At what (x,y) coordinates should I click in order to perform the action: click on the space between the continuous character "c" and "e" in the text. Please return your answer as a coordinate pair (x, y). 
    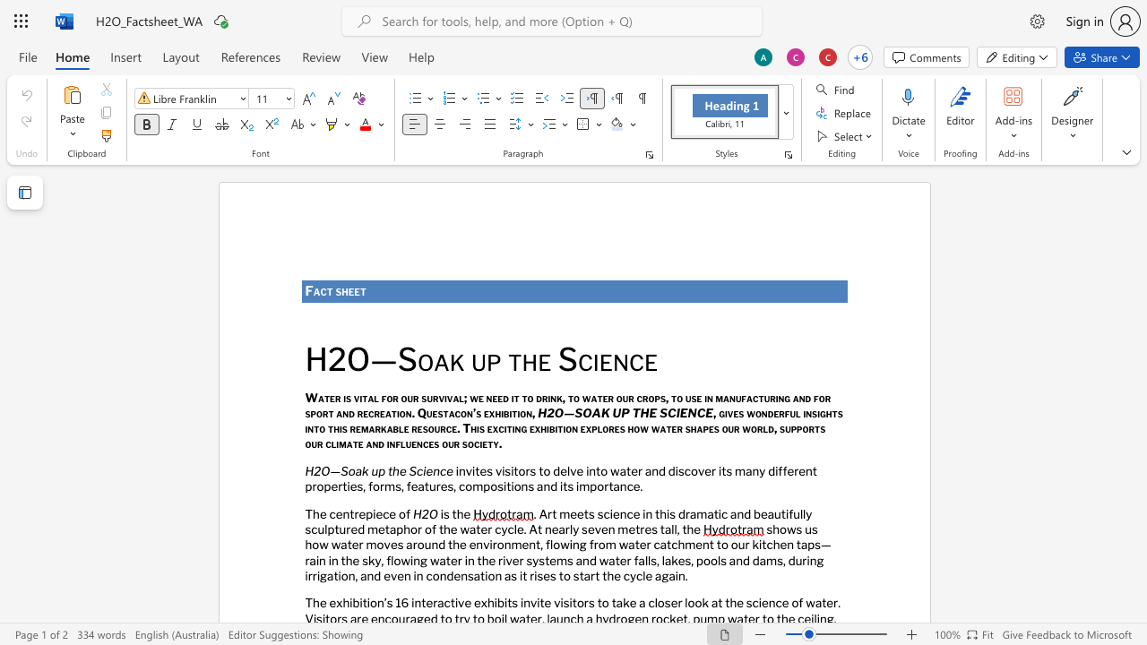
    Looking at the image, I should click on (643, 360).